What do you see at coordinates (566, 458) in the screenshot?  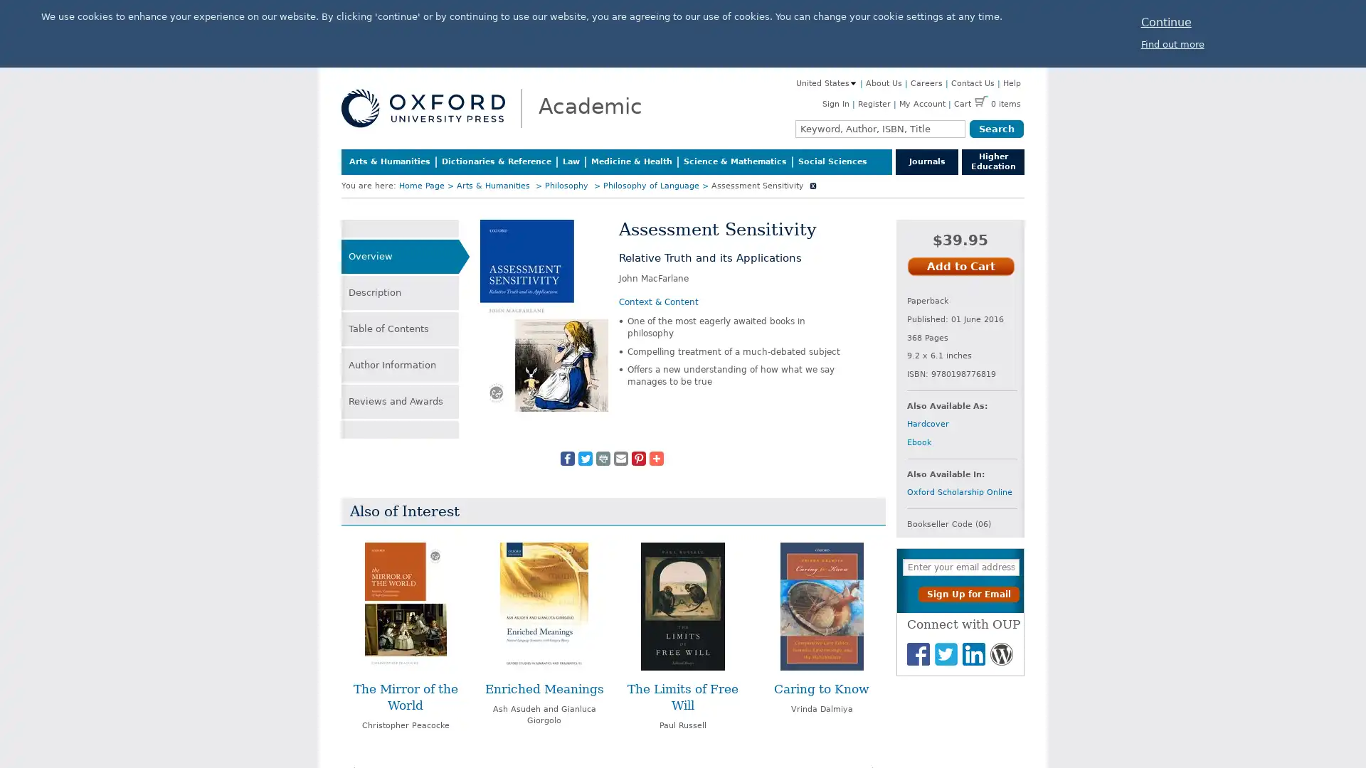 I see `Share to Facebook` at bounding box center [566, 458].